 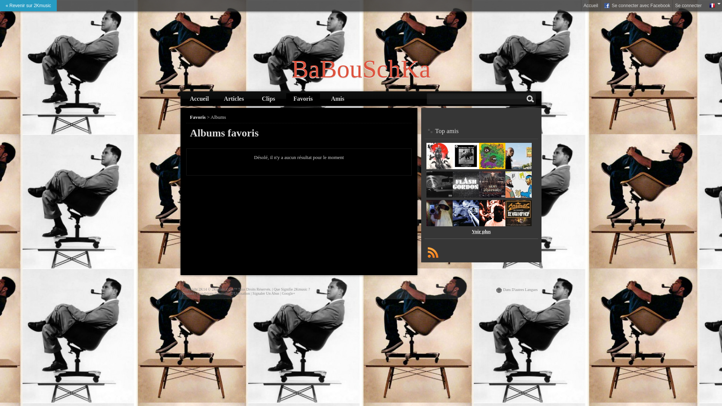 What do you see at coordinates (337, 98) in the screenshot?
I see `'Amis'` at bounding box center [337, 98].